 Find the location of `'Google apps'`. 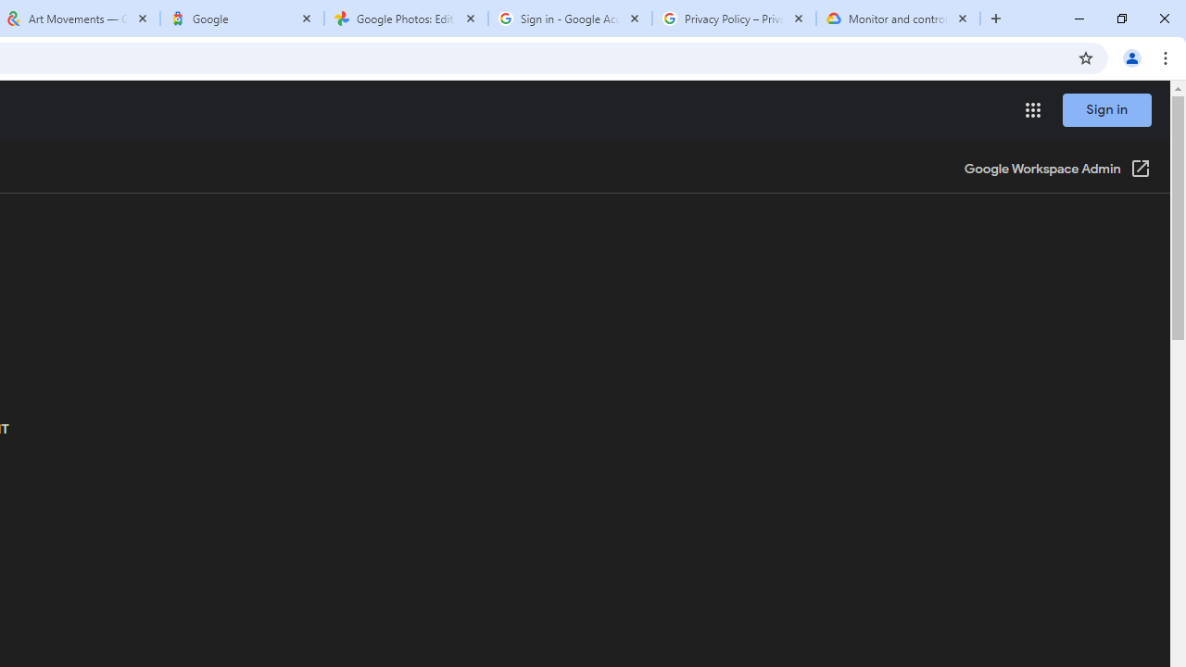

'Google apps' is located at coordinates (1031, 110).